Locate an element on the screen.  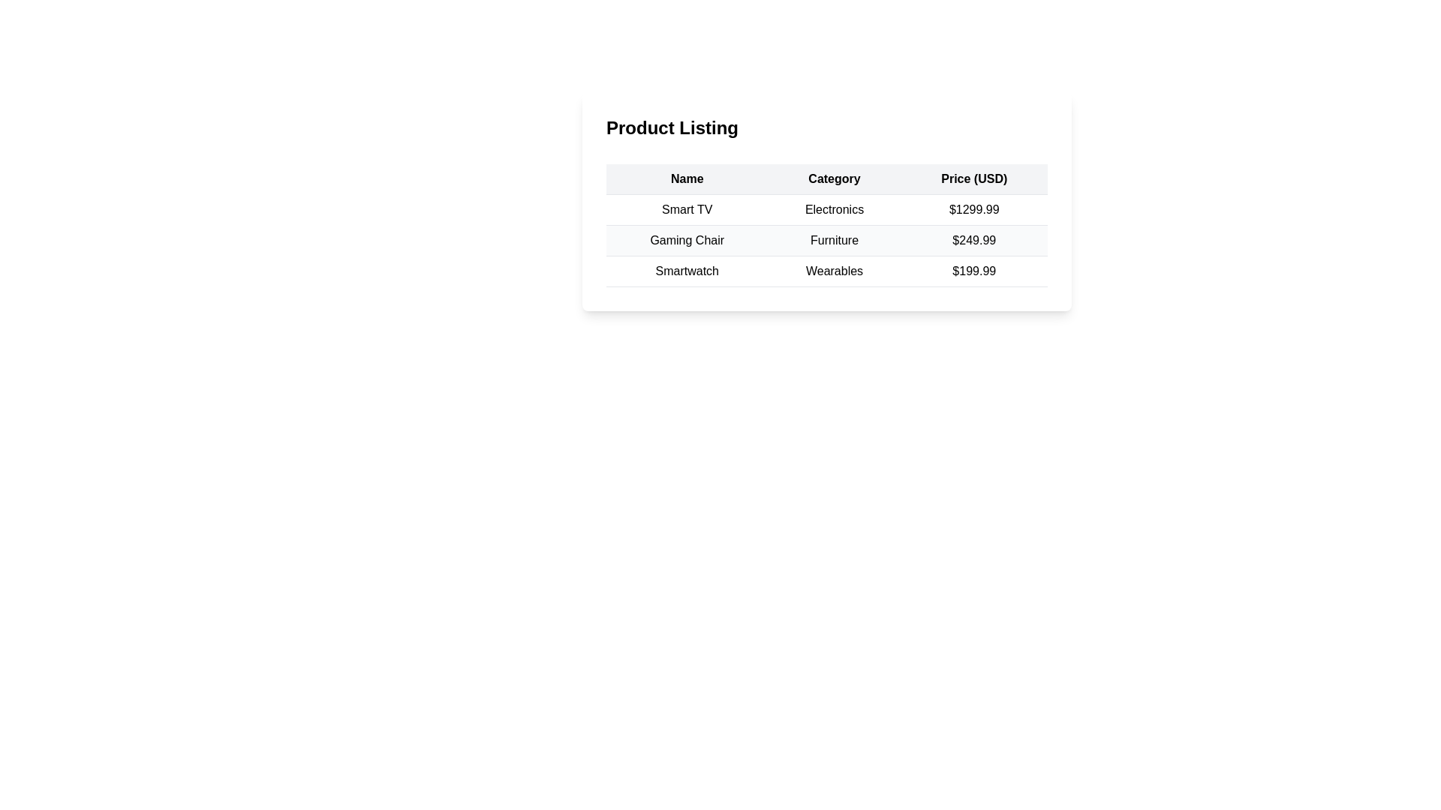
the 'Electronics' category label located in the second column of the first row of the product table, positioned between 'Smart TV' and '$1299.99' is located at coordinates (834, 210).